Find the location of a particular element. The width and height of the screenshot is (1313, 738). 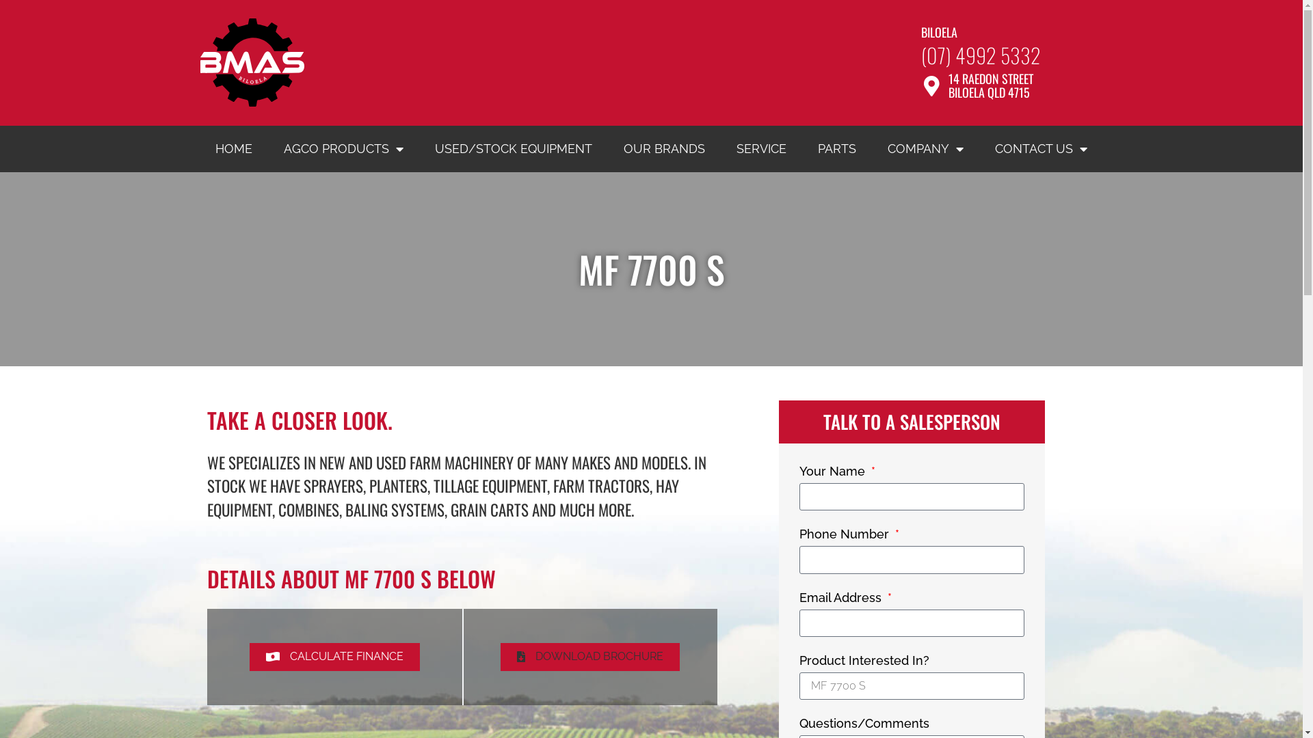

'CONTACT US' is located at coordinates (1040, 148).